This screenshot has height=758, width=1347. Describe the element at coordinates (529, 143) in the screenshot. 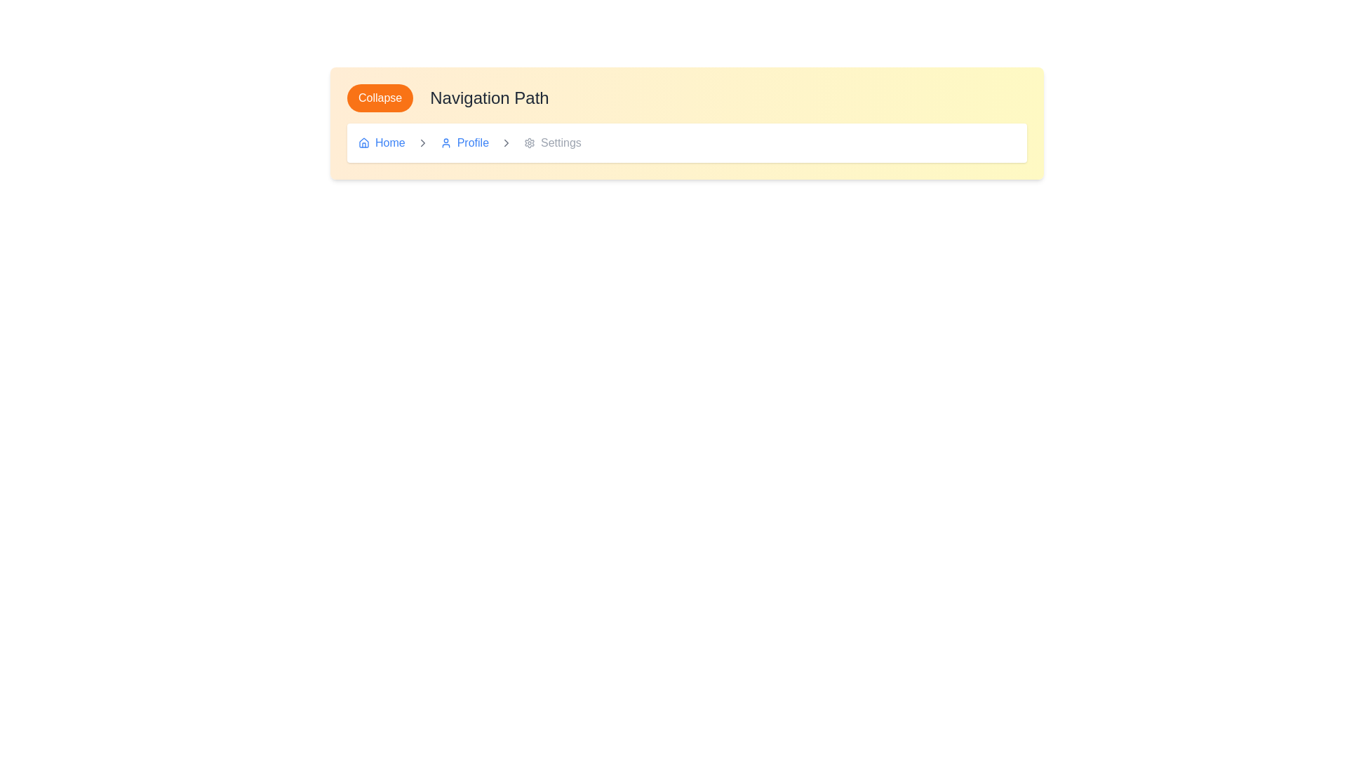

I see `the gear-shaped icon representing settings, located on the right-hand side of the breadcrumb navigation bar next to the text 'Settings'` at that location.